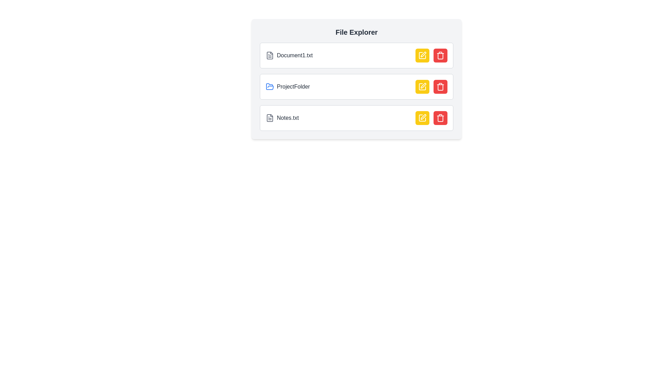  I want to click on the 'ProjectFolder' list item, so click(356, 86).